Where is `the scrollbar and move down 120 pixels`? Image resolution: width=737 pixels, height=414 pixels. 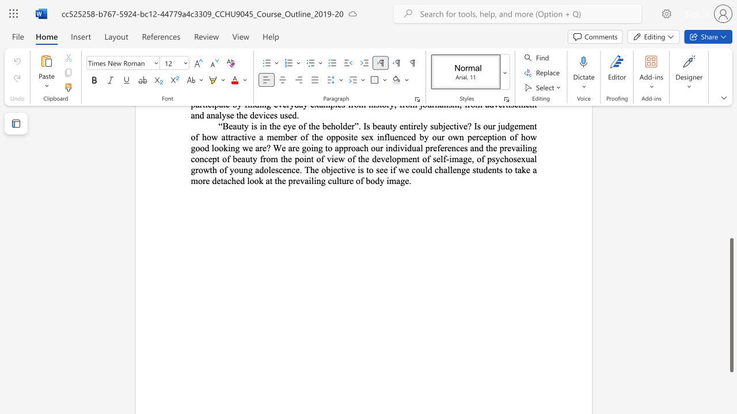 the scrollbar and move down 120 pixels is located at coordinates (731, 304).